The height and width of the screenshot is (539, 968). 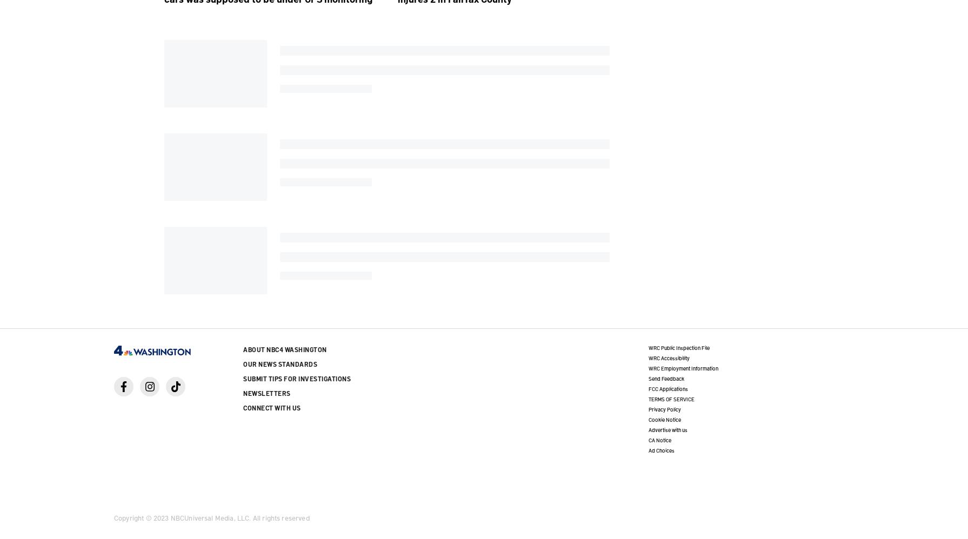 What do you see at coordinates (297, 378) in the screenshot?
I see `'Submit Tips for Investigations'` at bounding box center [297, 378].